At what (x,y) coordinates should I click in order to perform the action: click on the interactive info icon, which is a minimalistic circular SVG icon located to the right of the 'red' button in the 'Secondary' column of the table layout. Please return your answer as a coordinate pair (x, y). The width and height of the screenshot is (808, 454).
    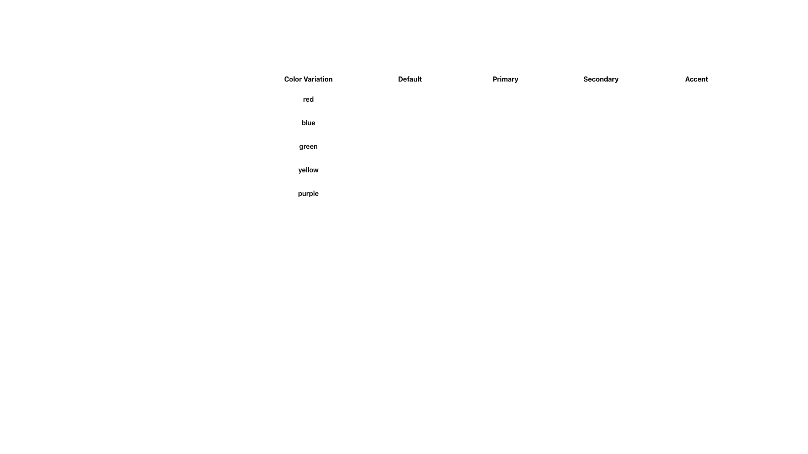
    Looking at the image, I should click on (581, 98).